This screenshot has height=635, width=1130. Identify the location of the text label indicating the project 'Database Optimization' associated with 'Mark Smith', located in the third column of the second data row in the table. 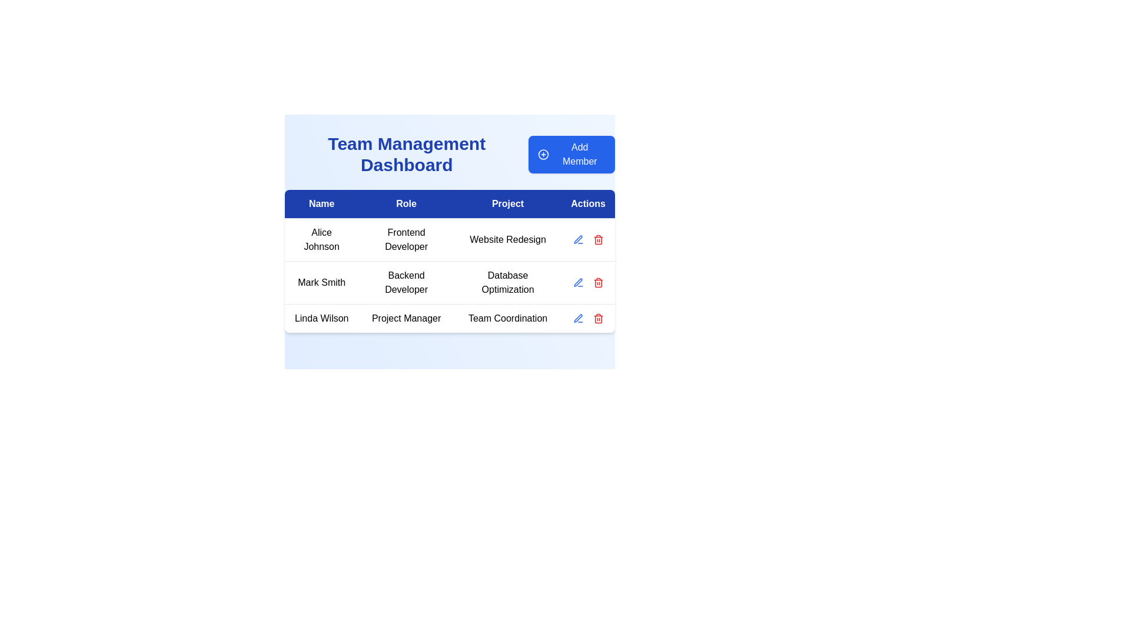
(508, 283).